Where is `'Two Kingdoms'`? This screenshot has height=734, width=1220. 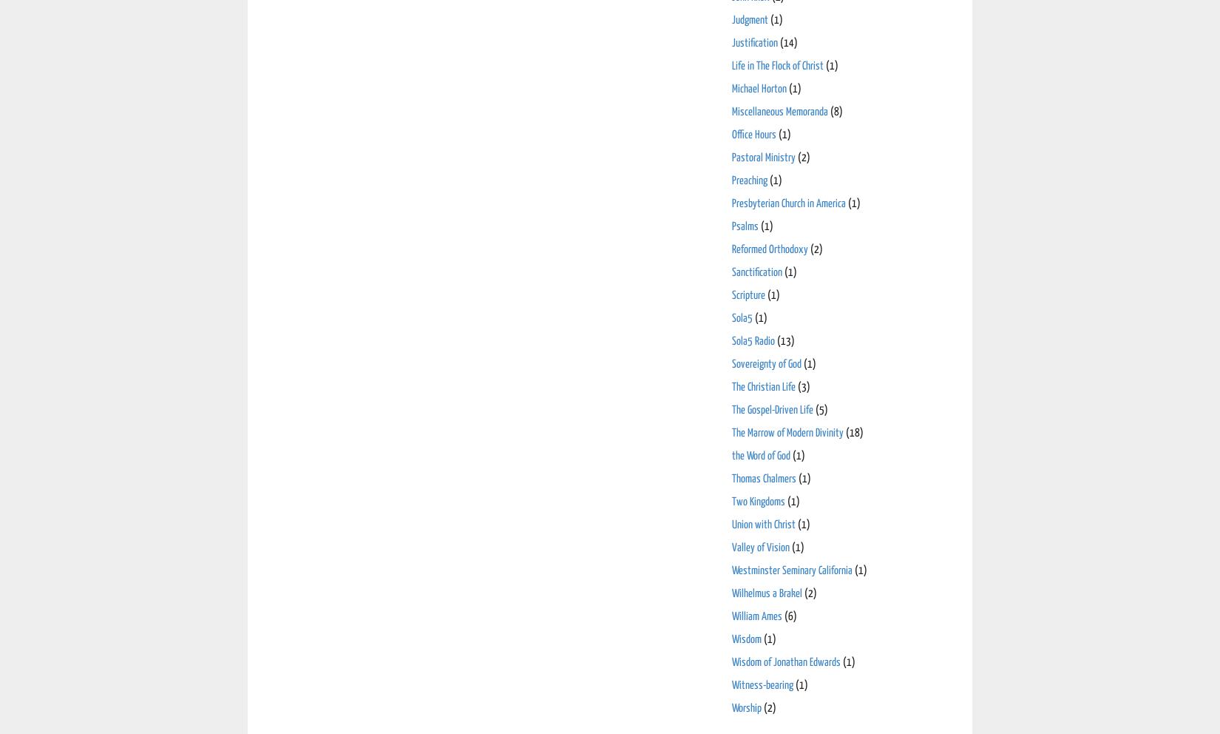 'Two Kingdoms' is located at coordinates (758, 500).